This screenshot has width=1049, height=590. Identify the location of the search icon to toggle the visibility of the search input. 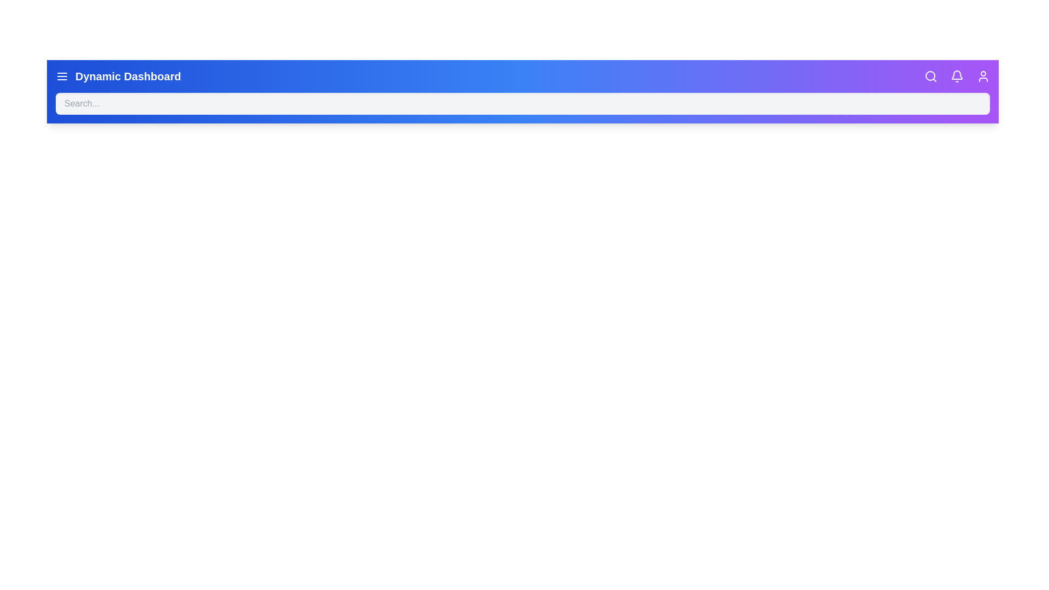
(930, 75).